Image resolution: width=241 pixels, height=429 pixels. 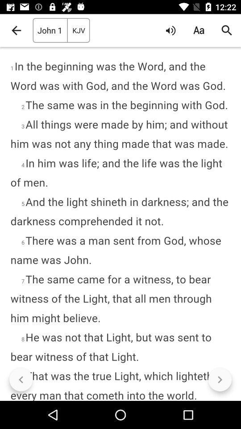 What do you see at coordinates (120, 223) in the screenshot?
I see `the item at the center` at bounding box center [120, 223].